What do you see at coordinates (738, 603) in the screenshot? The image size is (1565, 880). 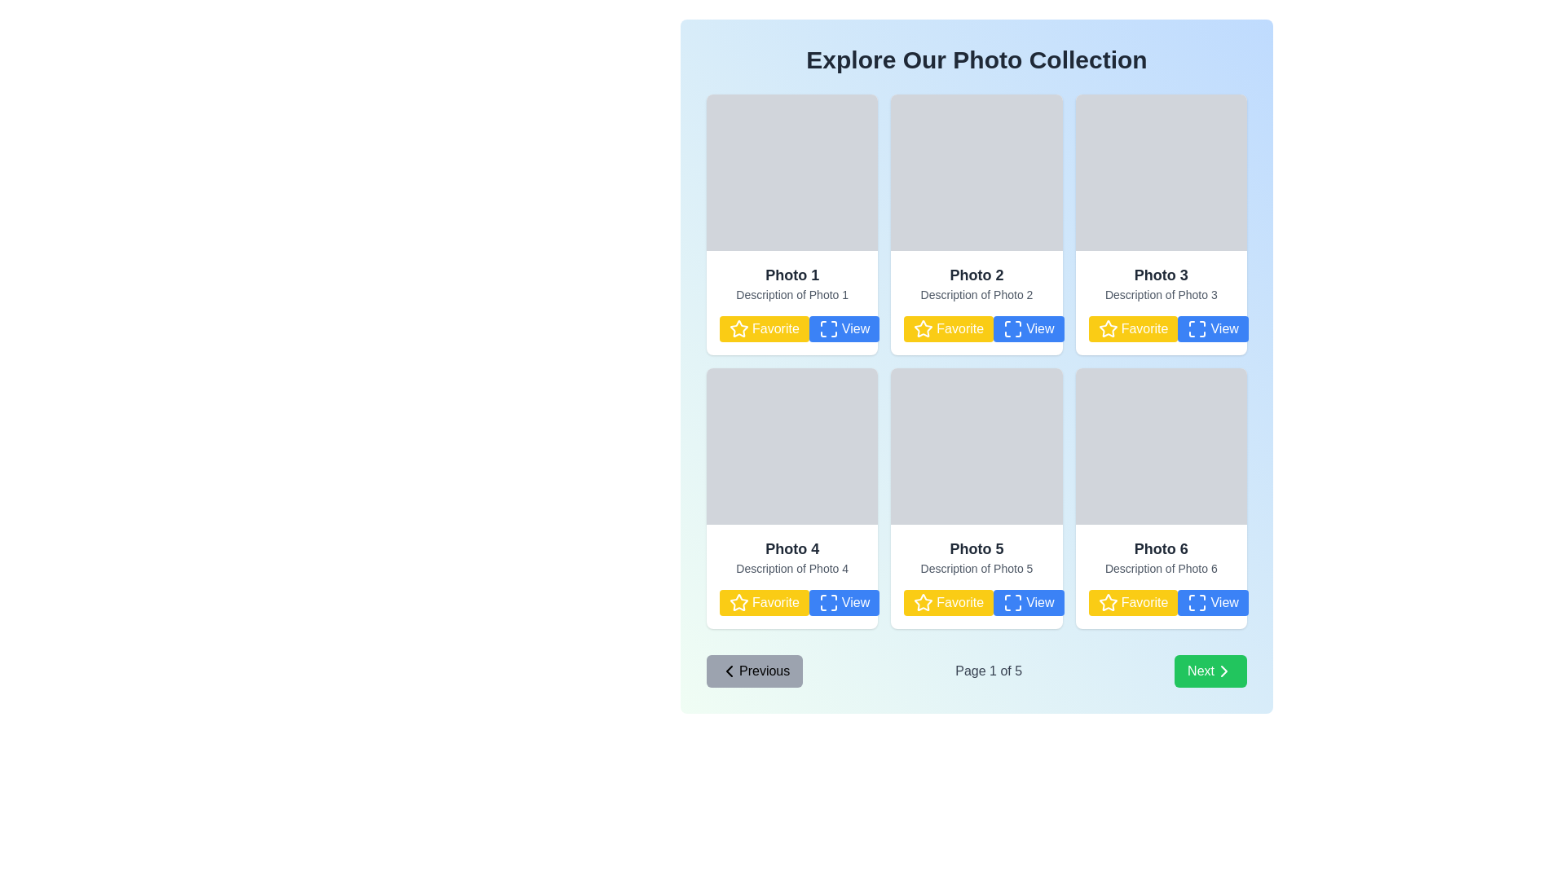 I see `the star-shaped icon with a yellow fill and white border, located to the left of the 'Favorite' text within the yellow button, to rate it` at bounding box center [738, 603].